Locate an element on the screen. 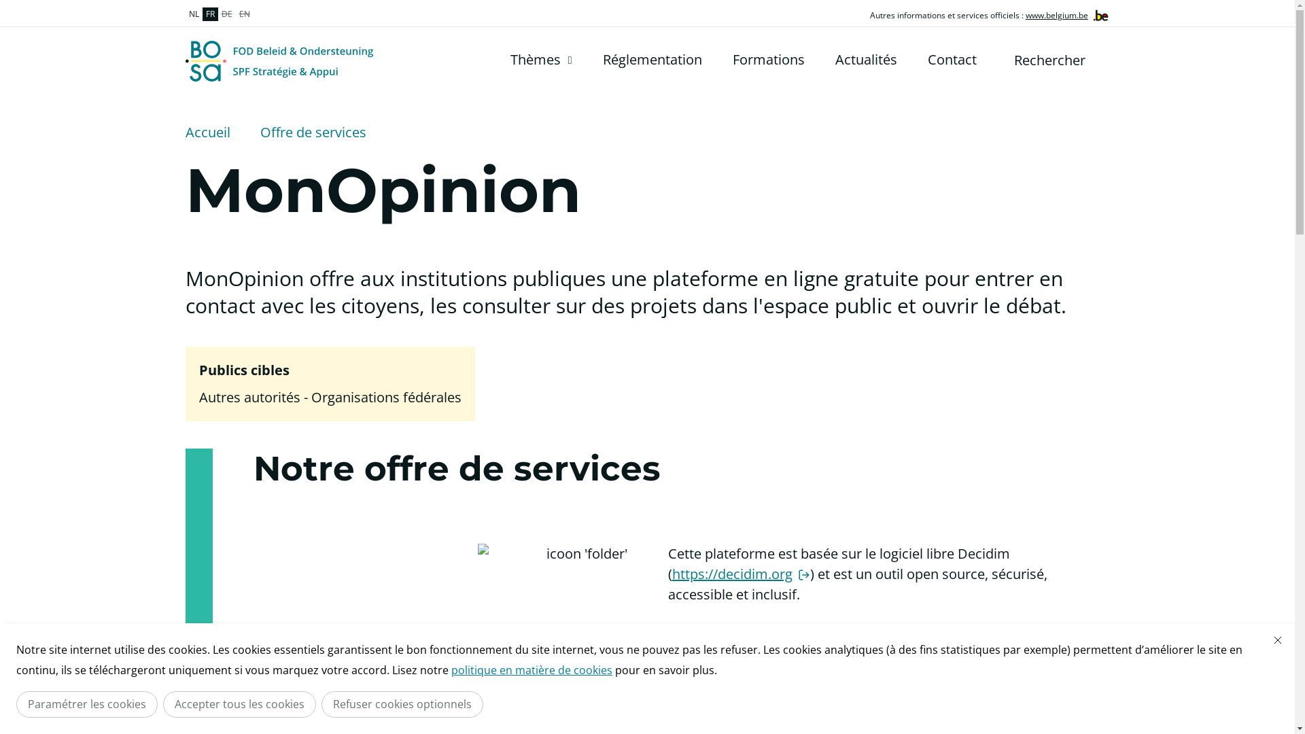 The width and height of the screenshot is (1305, 734). 'Accueil' is located at coordinates (184, 133).